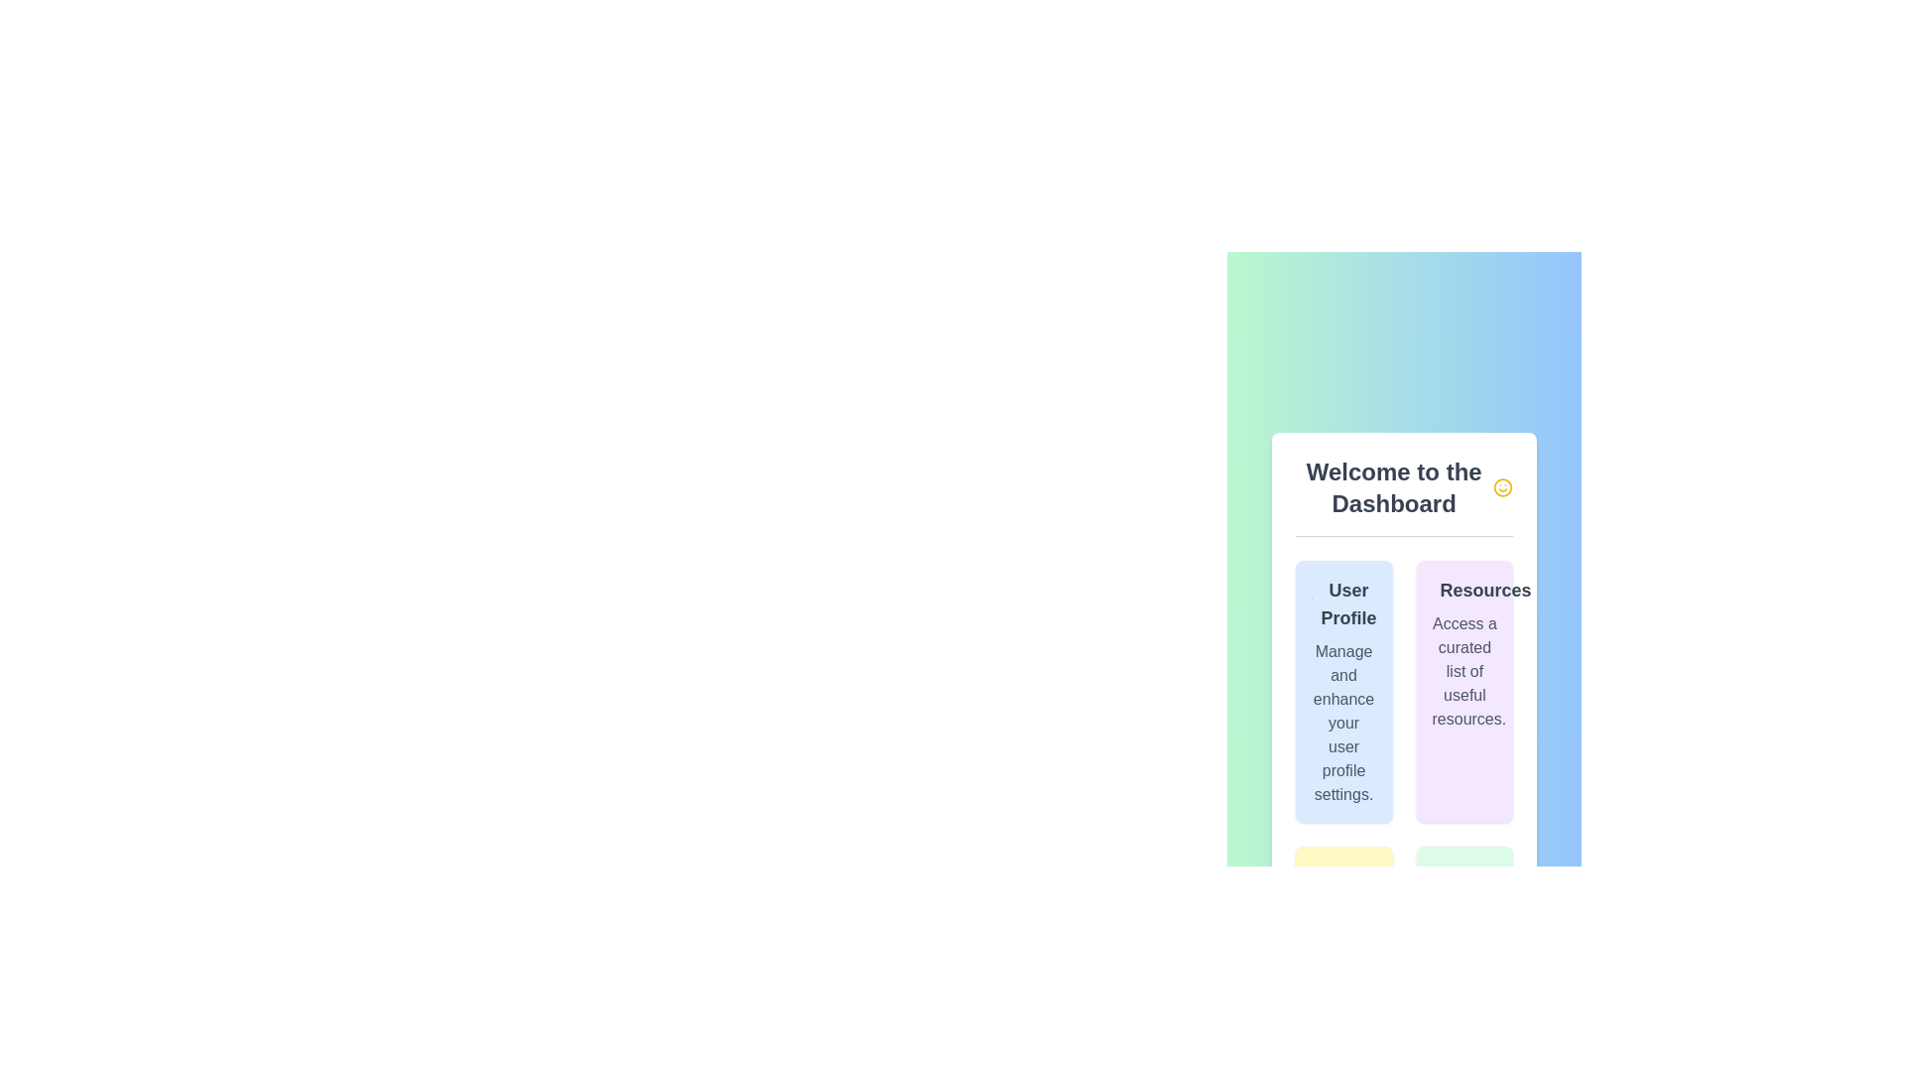 This screenshot has height=1072, width=1905. What do you see at coordinates (1343, 603) in the screenshot?
I see `'User Profile' text label, which is displayed in a larger and bold font style, indicating its importance as a title for the section` at bounding box center [1343, 603].